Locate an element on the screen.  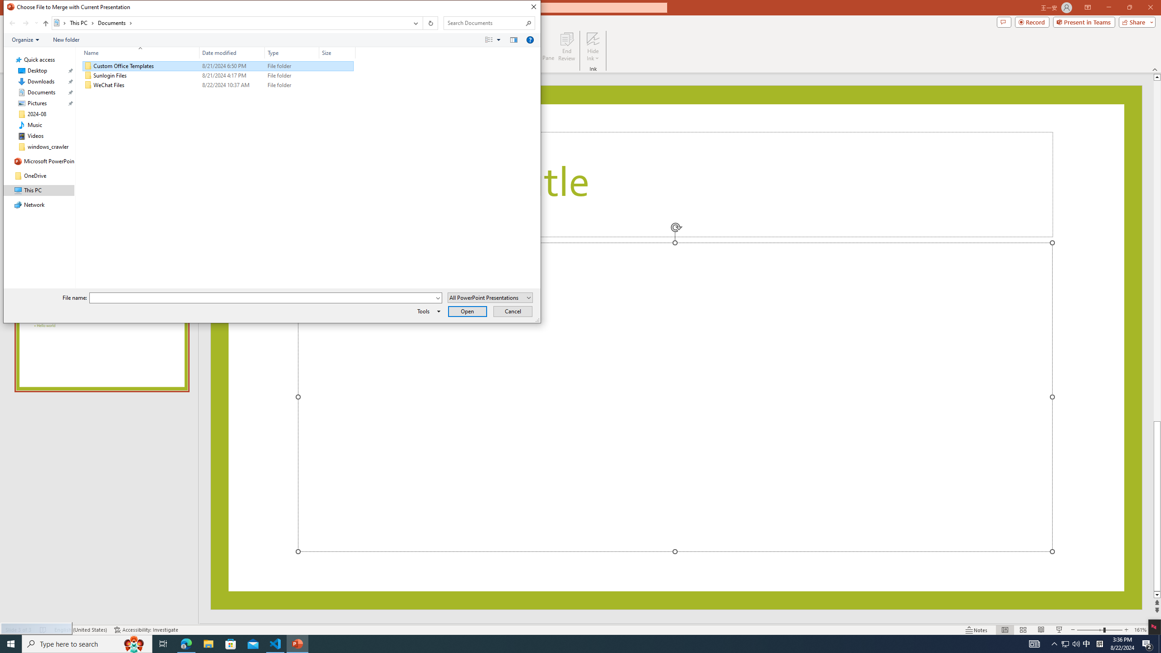
'Forward (Alt + Right Arrow)' is located at coordinates (25, 23).